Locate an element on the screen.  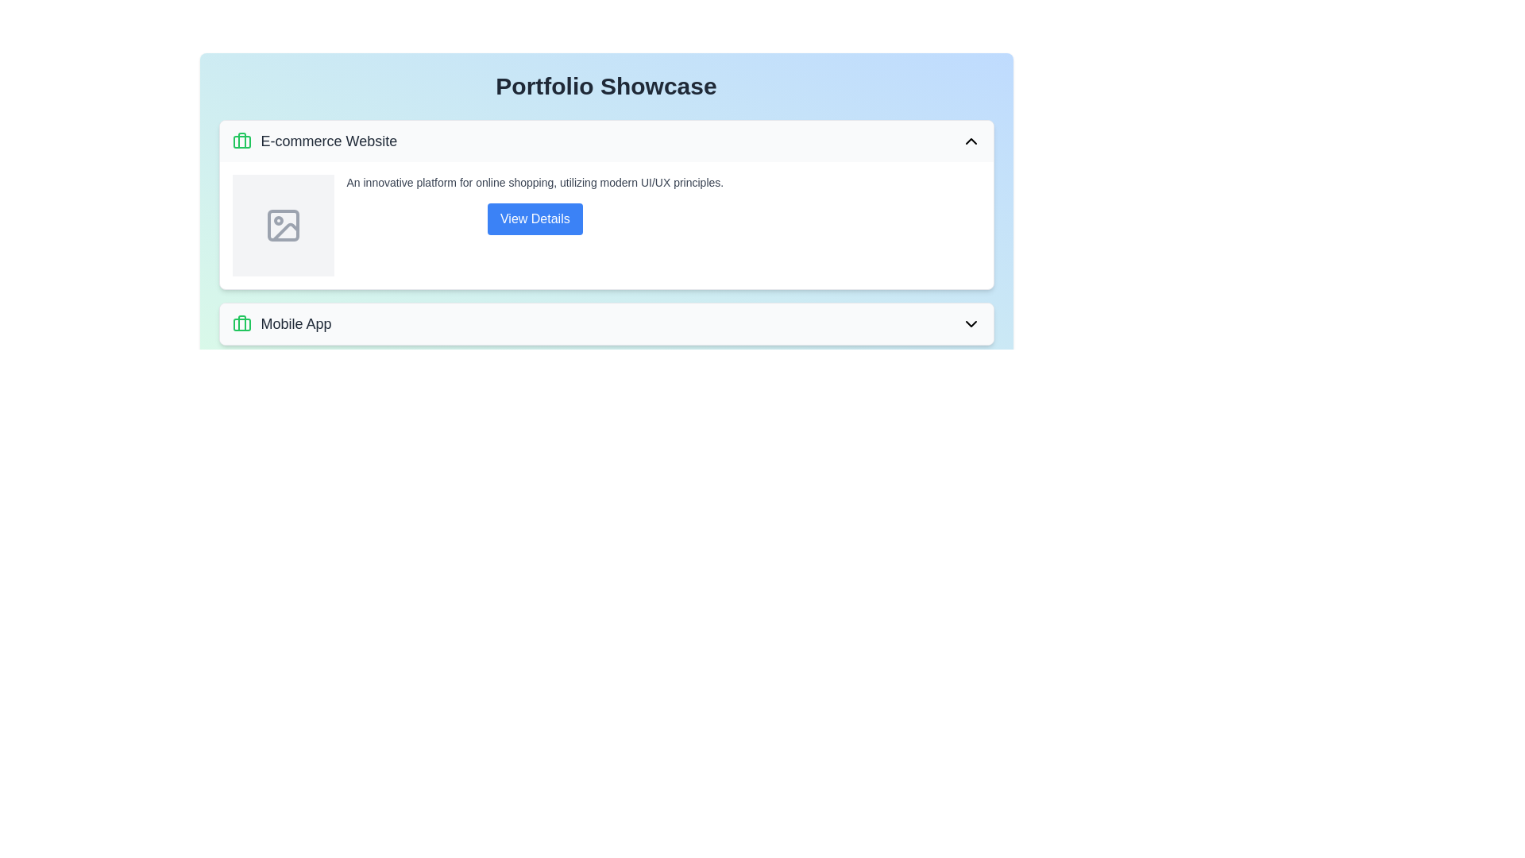
the clickable link for the 'E-commerce Website' project located in the top left corner of the 'Portfolio Showcase' section is located at coordinates (315, 140).